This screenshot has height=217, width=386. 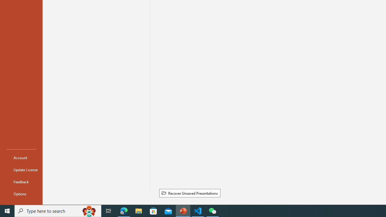 What do you see at coordinates (21, 181) in the screenshot?
I see `'Feedback'` at bounding box center [21, 181].